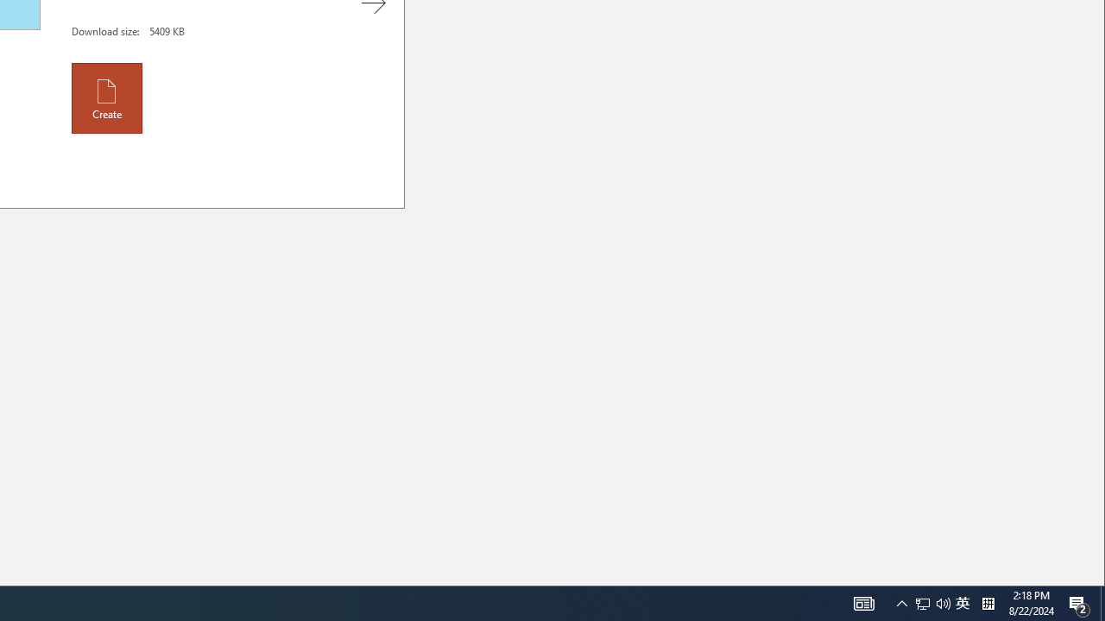 Image resolution: width=1105 pixels, height=621 pixels. Describe the element at coordinates (106, 97) in the screenshot. I see `'Create'` at that location.